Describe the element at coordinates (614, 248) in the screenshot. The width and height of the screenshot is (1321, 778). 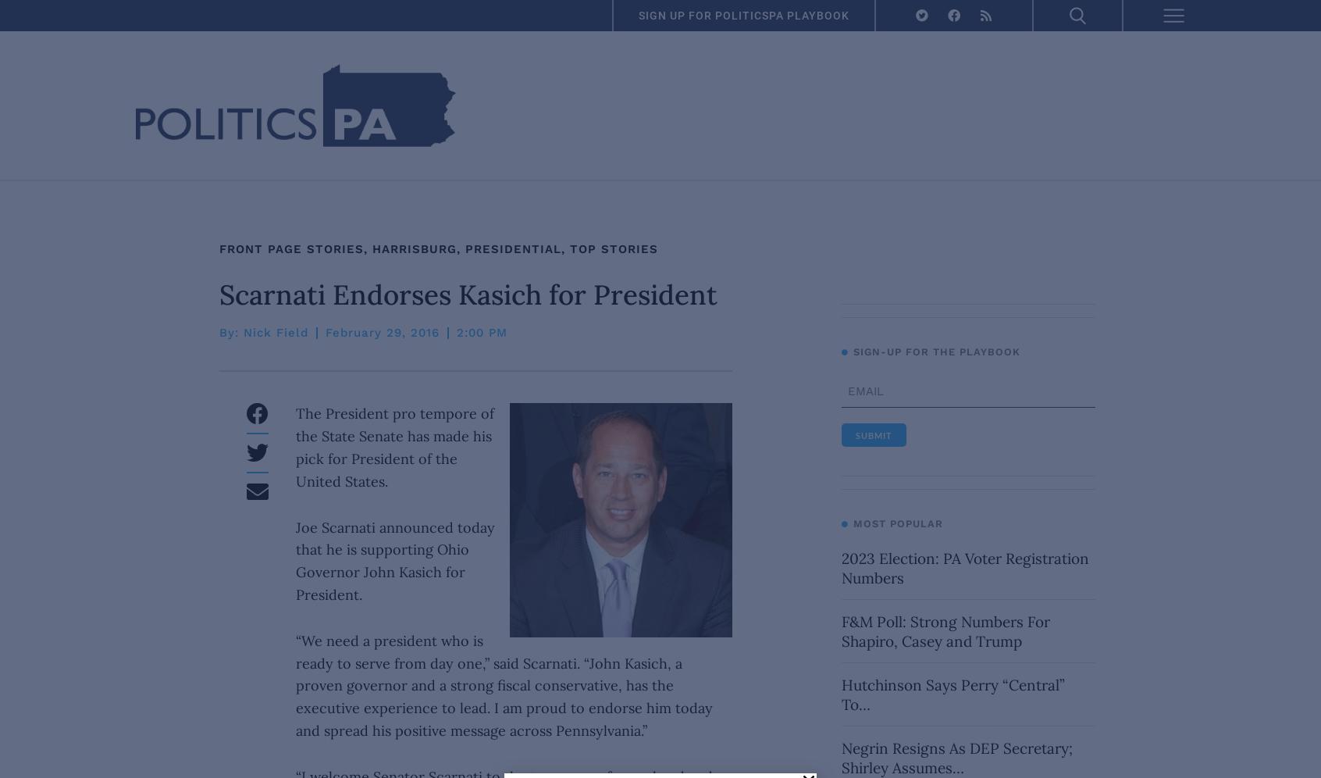
I see `'Top Stories'` at that location.